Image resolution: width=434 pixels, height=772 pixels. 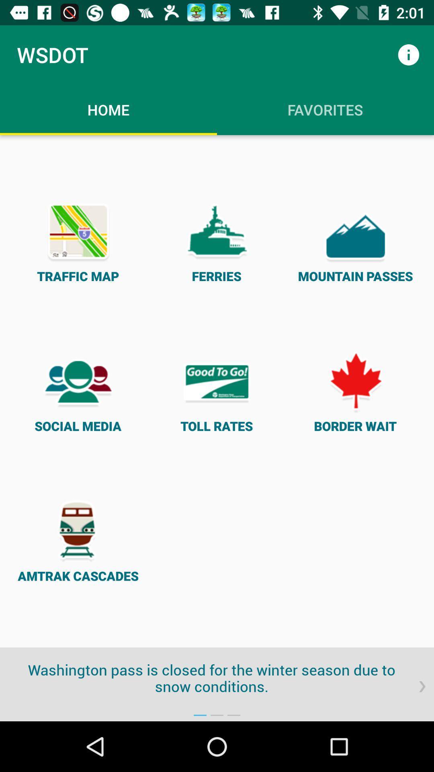 What do you see at coordinates (217, 678) in the screenshot?
I see `the washington pass is` at bounding box center [217, 678].